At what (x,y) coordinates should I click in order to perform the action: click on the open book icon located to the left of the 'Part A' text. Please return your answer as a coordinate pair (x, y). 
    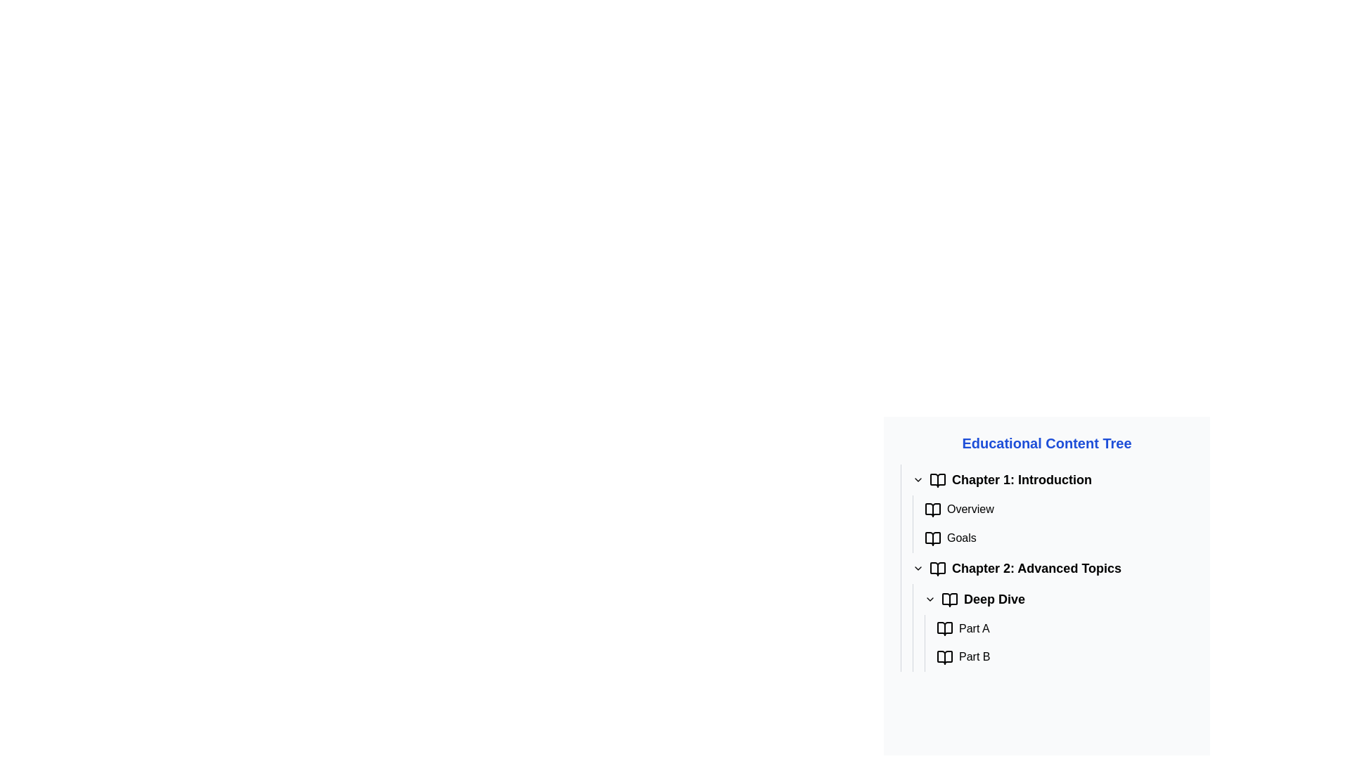
    Looking at the image, I should click on (945, 628).